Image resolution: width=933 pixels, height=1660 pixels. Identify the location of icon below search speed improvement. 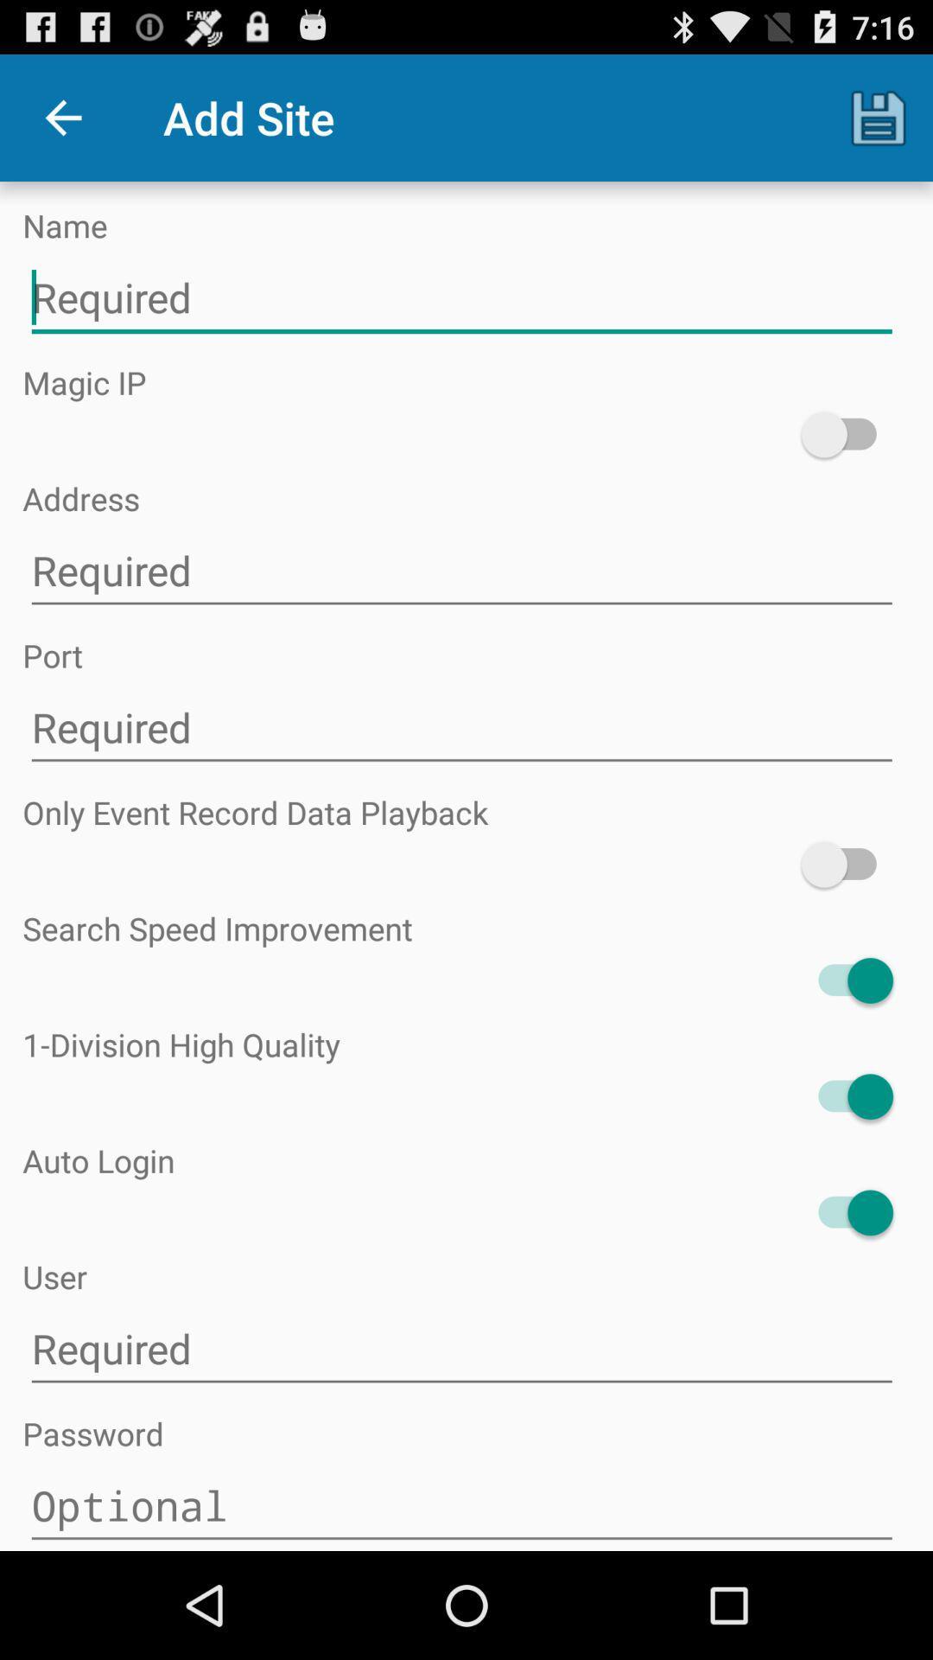
(846, 980).